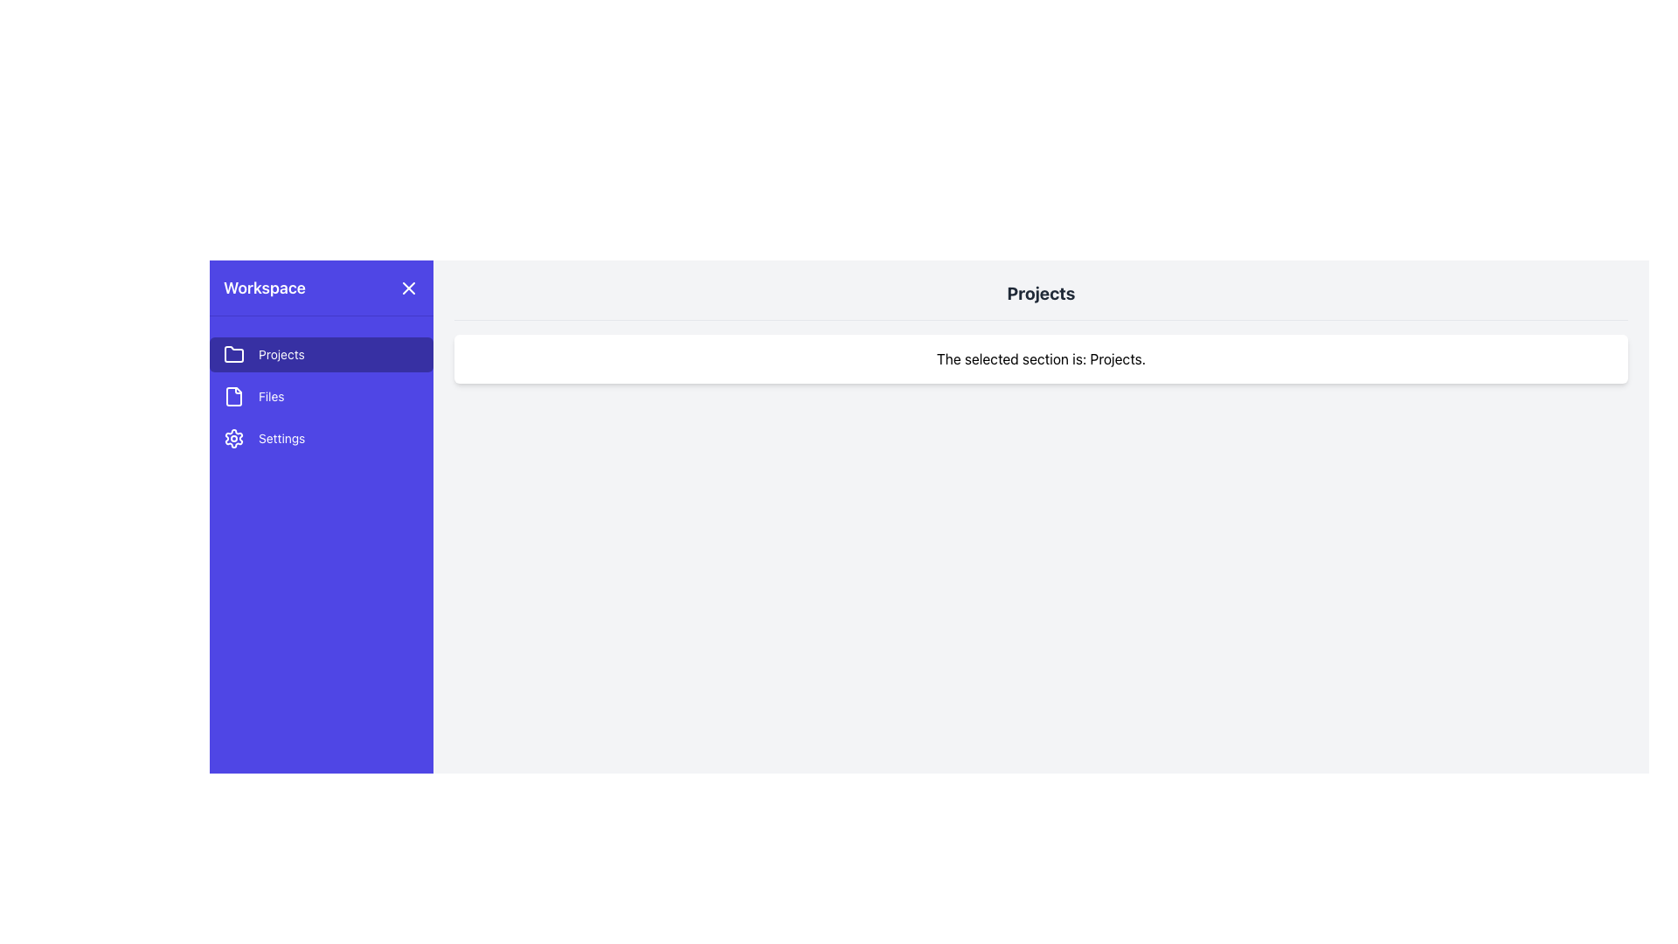 The image size is (1678, 944). What do you see at coordinates (233, 354) in the screenshot?
I see `the folder icon located on the left sidebar navigation menu, which is the leftmost icon within the 'Projects' item` at bounding box center [233, 354].